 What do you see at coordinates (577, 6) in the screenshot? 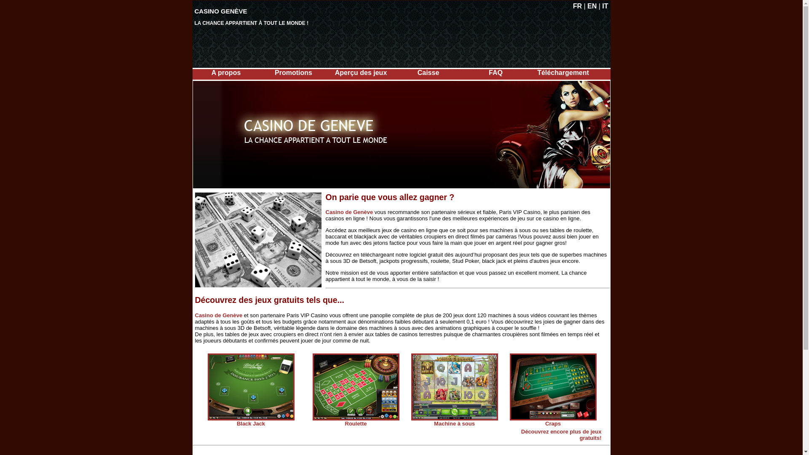
I see `'FR'` at bounding box center [577, 6].